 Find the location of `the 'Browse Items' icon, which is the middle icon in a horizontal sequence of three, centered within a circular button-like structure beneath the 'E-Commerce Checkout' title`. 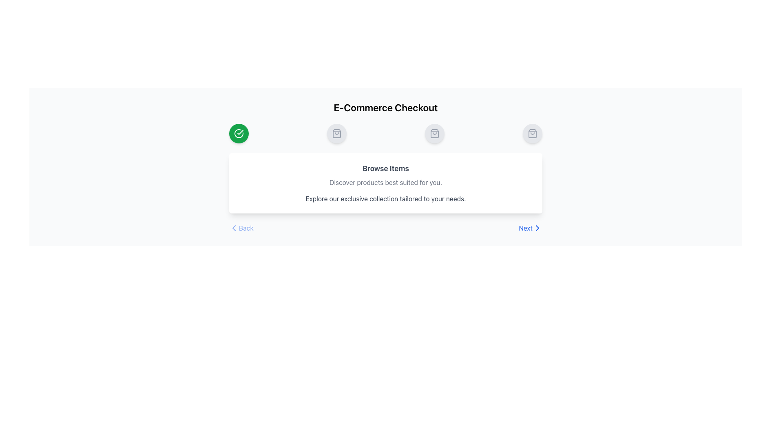

the 'Browse Items' icon, which is the middle icon in a horizontal sequence of three, centered within a circular button-like structure beneath the 'E-Commerce Checkout' title is located at coordinates (336, 133).